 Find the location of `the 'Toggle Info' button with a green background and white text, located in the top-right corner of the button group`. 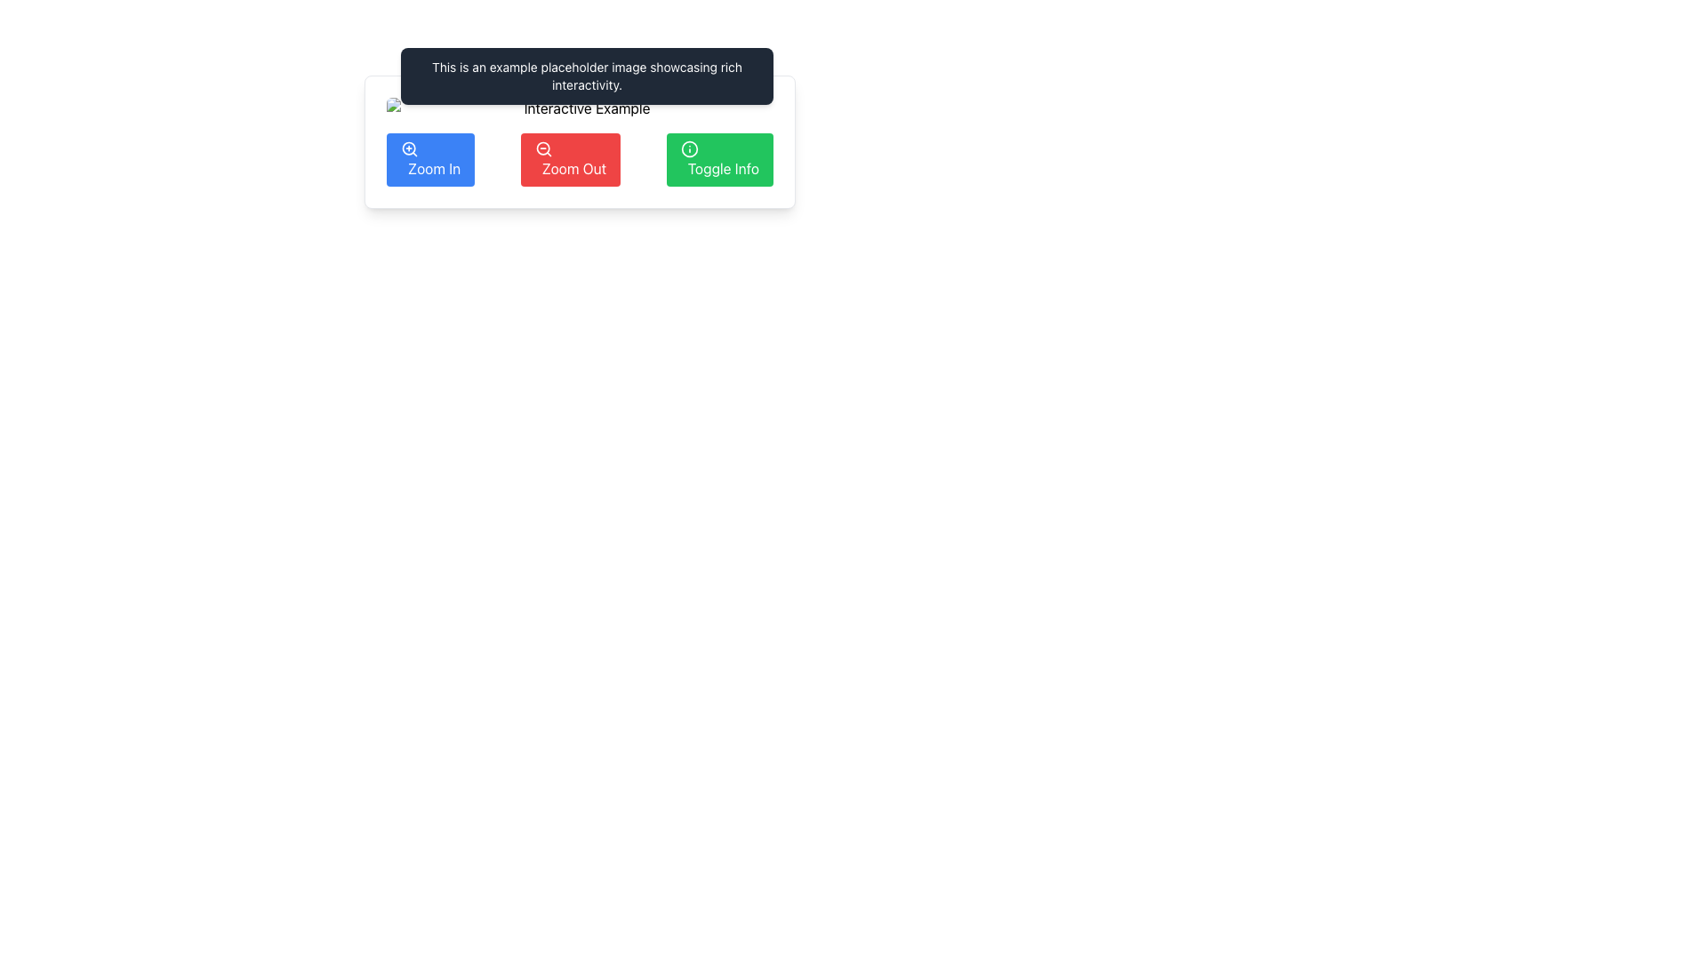

the 'Toggle Info' button with a green background and white text, located in the top-right corner of the button group is located at coordinates (719, 160).